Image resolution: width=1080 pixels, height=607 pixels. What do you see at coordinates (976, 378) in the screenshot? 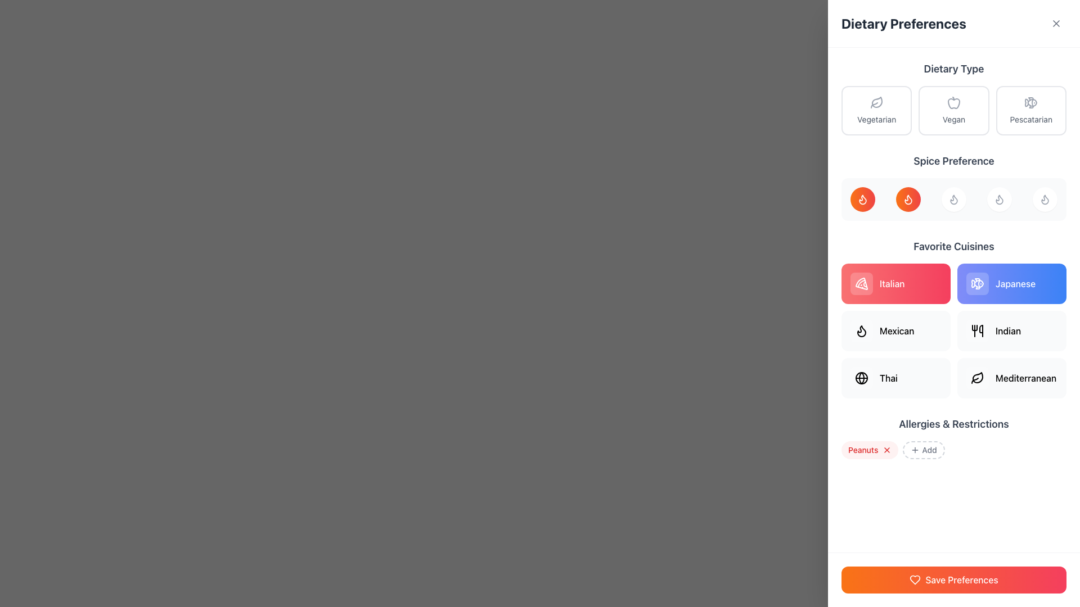
I see `the 'Mediterranean' cuisine selection button located in the bottom-right corner of the 'Favorite Cuisines' section` at bounding box center [976, 378].